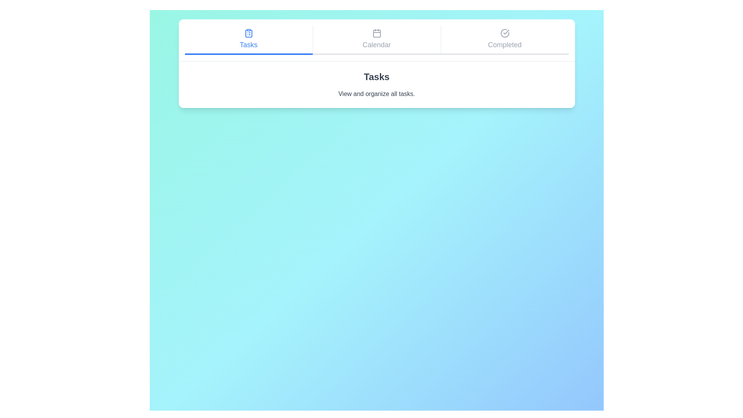 Image resolution: width=743 pixels, height=418 pixels. What do you see at coordinates (377, 40) in the screenshot?
I see `the Calendar tab by clicking on it` at bounding box center [377, 40].